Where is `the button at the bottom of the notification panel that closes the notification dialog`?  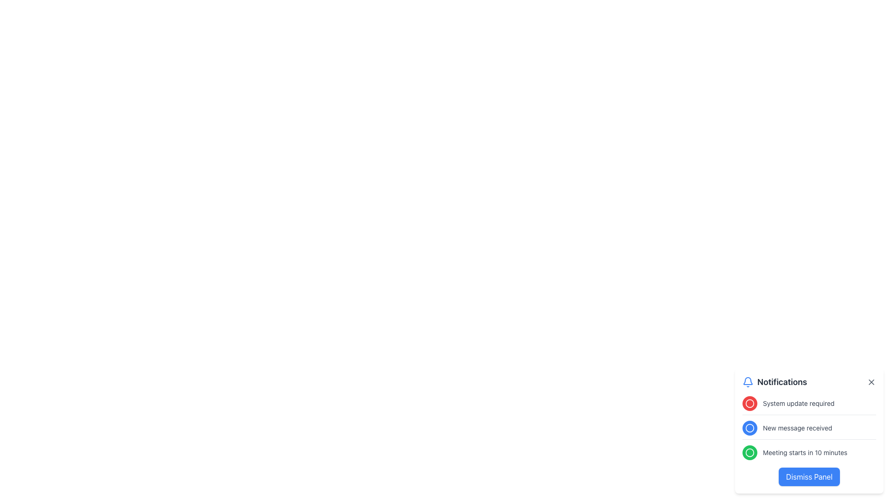 the button at the bottom of the notification panel that closes the notification dialog is located at coordinates (808, 477).